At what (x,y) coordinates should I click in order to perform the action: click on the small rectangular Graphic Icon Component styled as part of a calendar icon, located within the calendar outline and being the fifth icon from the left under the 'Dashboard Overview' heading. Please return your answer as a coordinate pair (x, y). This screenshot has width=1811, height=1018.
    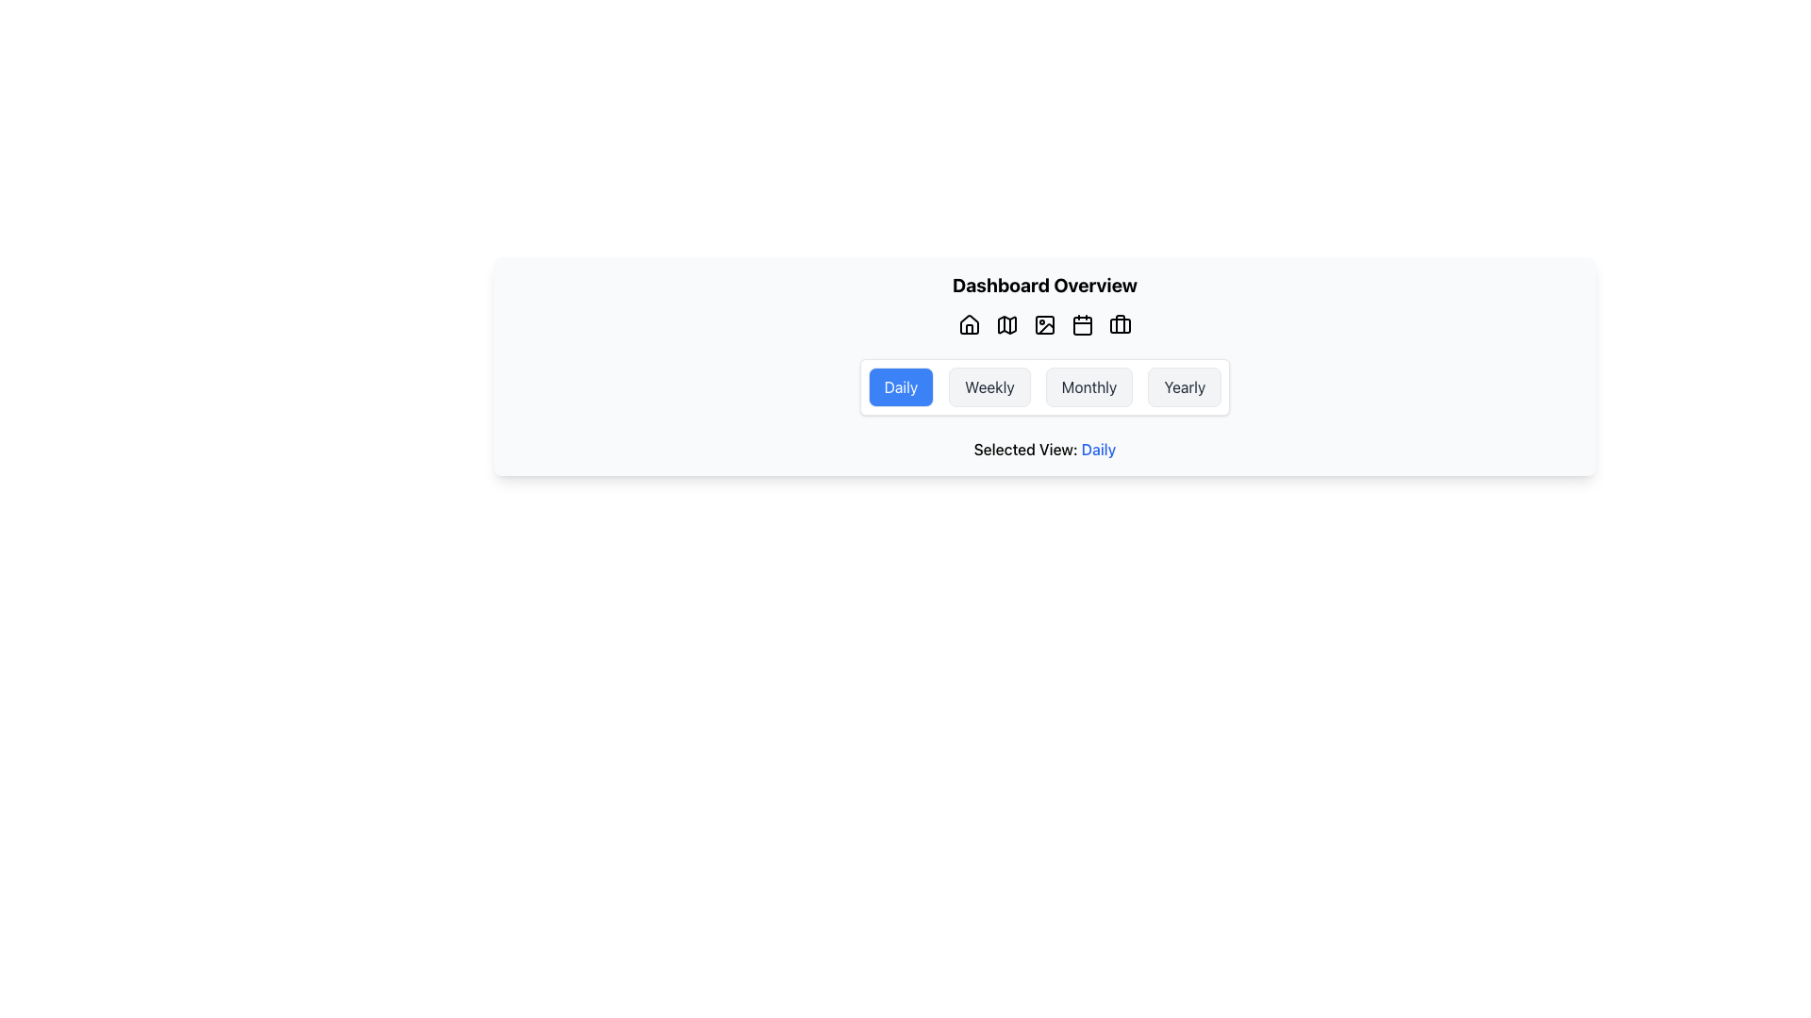
    Looking at the image, I should click on (1082, 325).